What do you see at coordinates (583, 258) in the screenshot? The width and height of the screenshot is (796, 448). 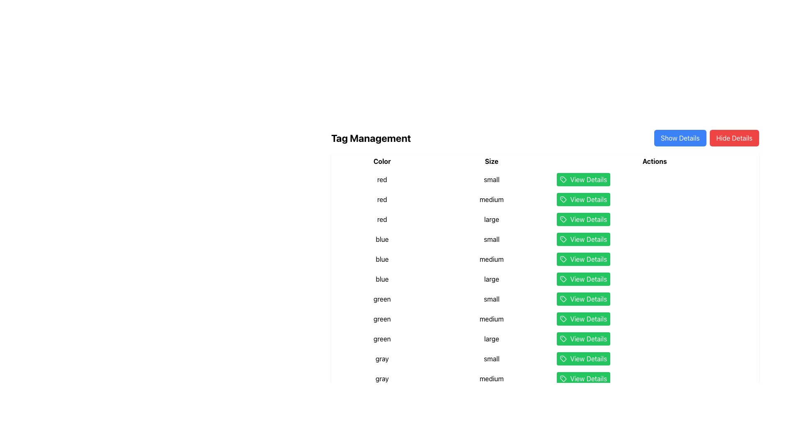 I see `the button in the sixth row of the interactive table under the 'Actions' column` at bounding box center [583, 258].